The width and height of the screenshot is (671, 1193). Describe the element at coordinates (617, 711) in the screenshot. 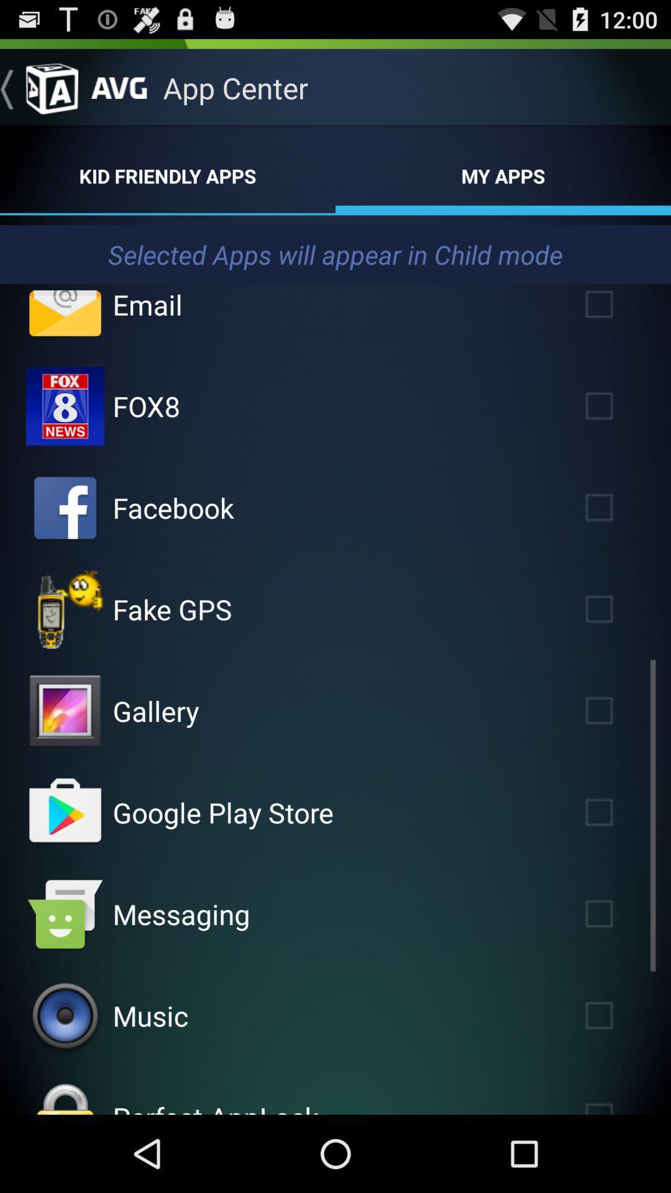

I see `gallery` at that location.